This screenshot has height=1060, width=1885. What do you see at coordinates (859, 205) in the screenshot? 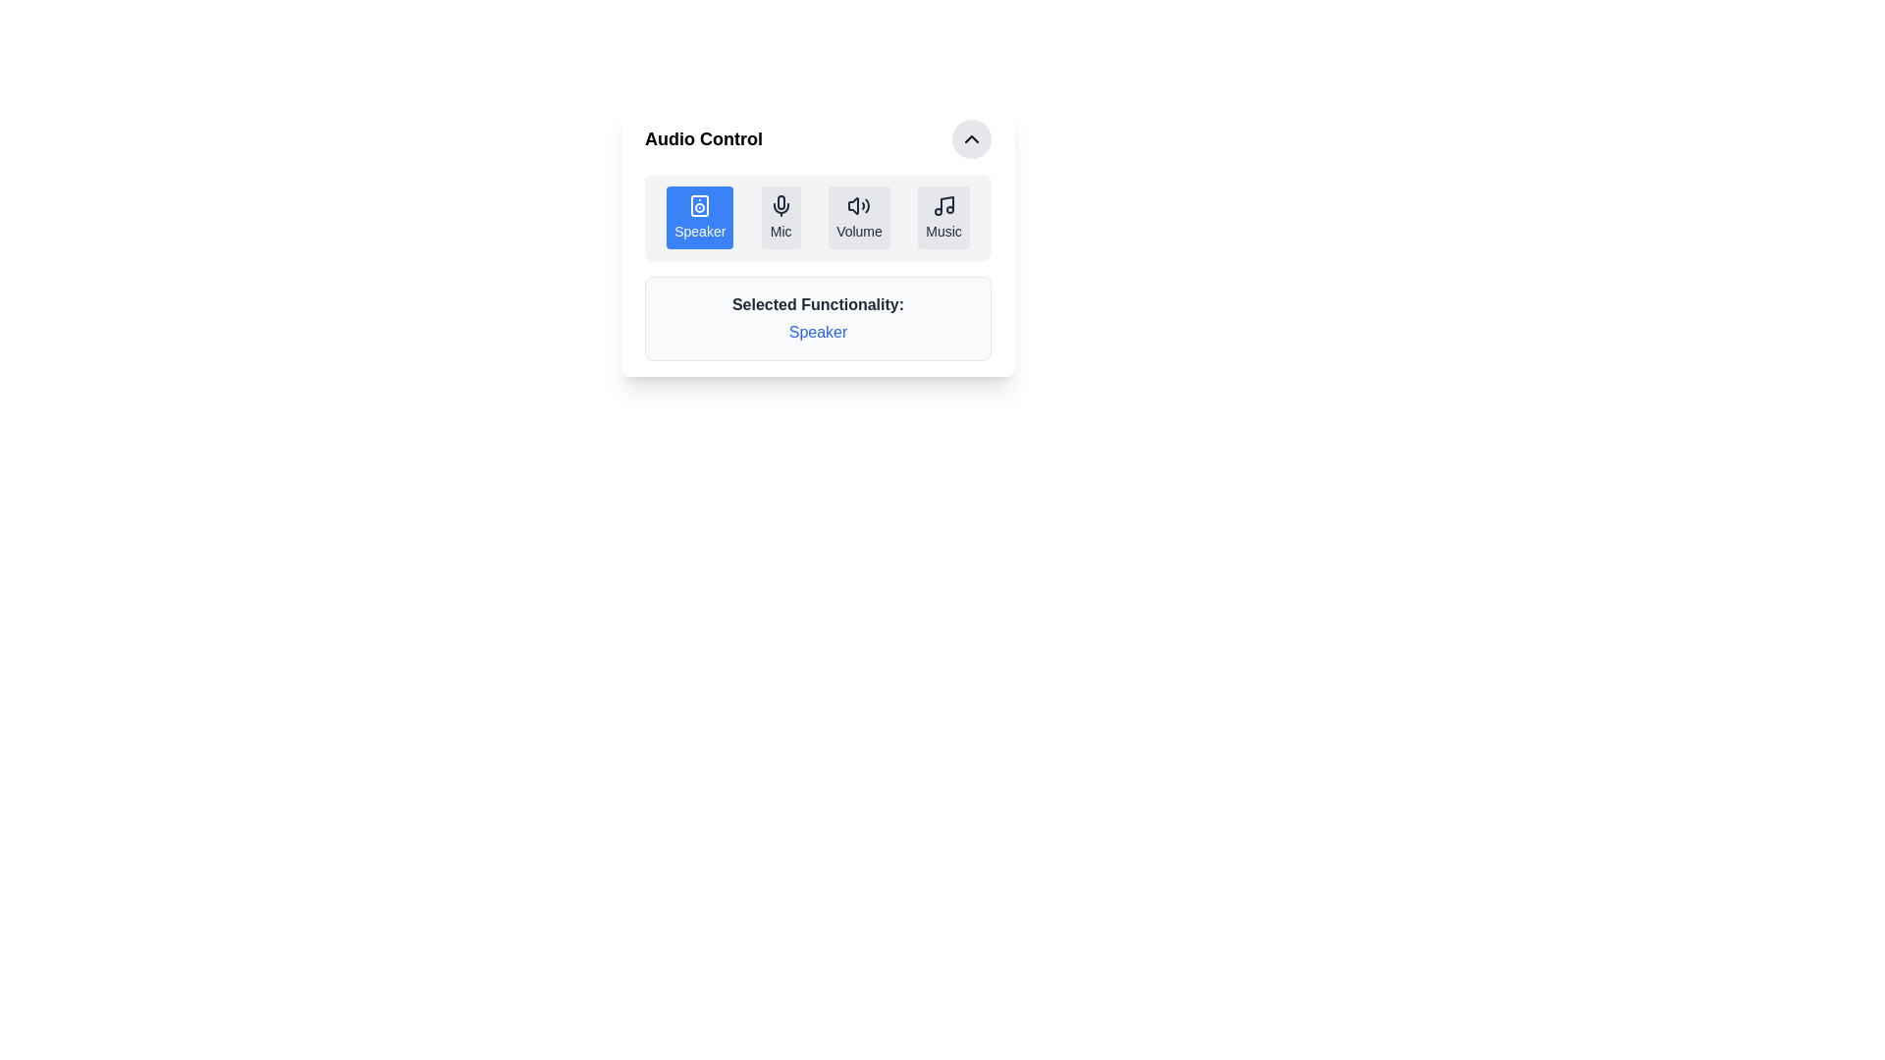
I see `the volume control icon located inside the 'Volume' button, which is the third button from the left in the toolbar under the 'Audio Control' heading` at bounding box center [859, 205].